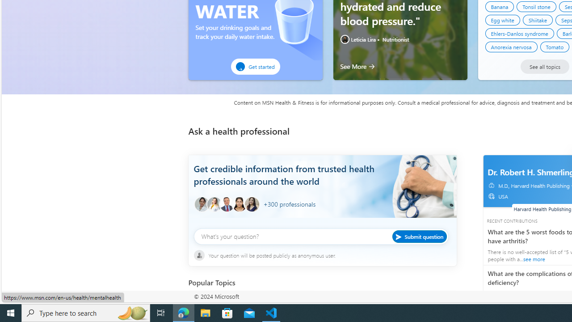 This screenshot has height=322, width=572. I want to click on 'Submit question', so click(419, 236).